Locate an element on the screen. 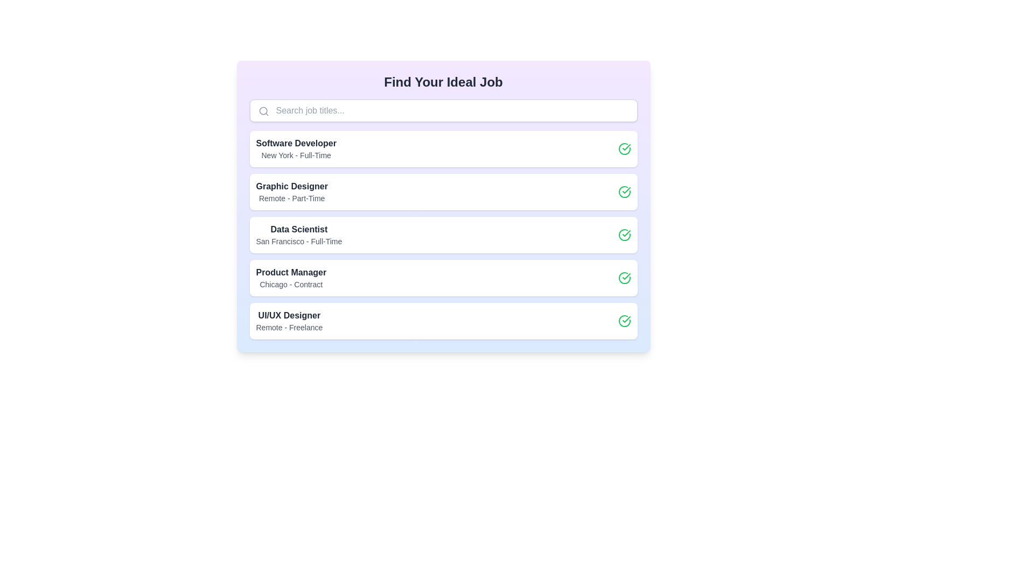 The image size is (1034, 581). the magnifying glass icon, which represents the search function is located at coordinates (263, 111).